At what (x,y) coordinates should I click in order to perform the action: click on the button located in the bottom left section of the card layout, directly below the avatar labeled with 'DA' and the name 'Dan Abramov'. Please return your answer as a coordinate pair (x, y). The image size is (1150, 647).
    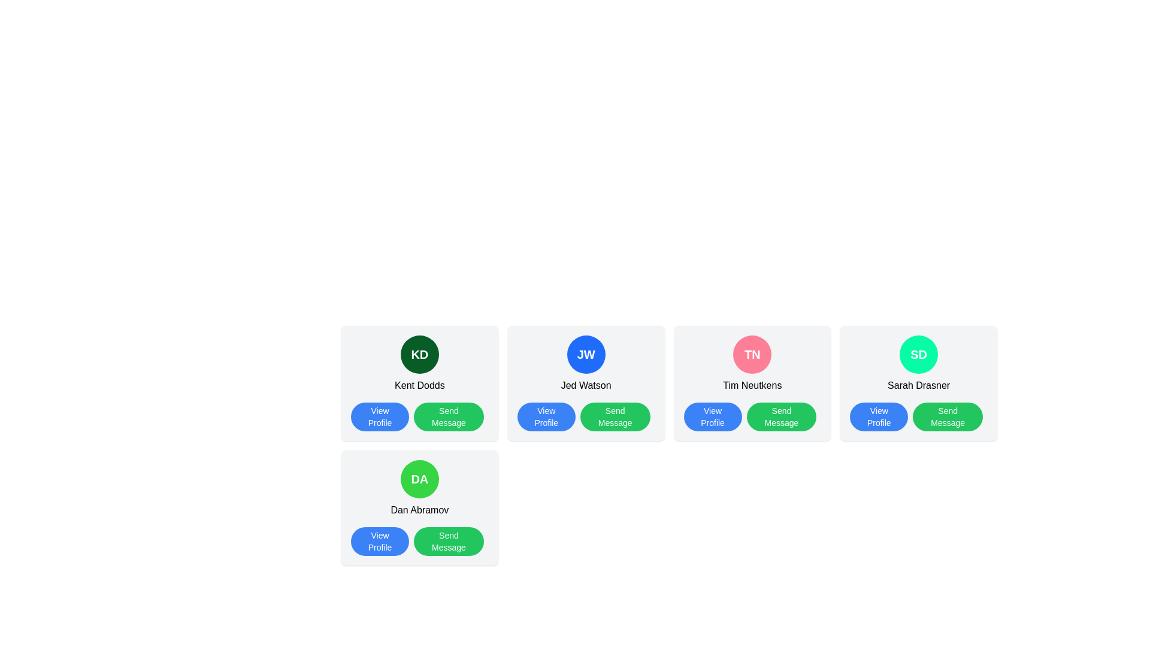
    Looking at the image, I should click on (379, 541).